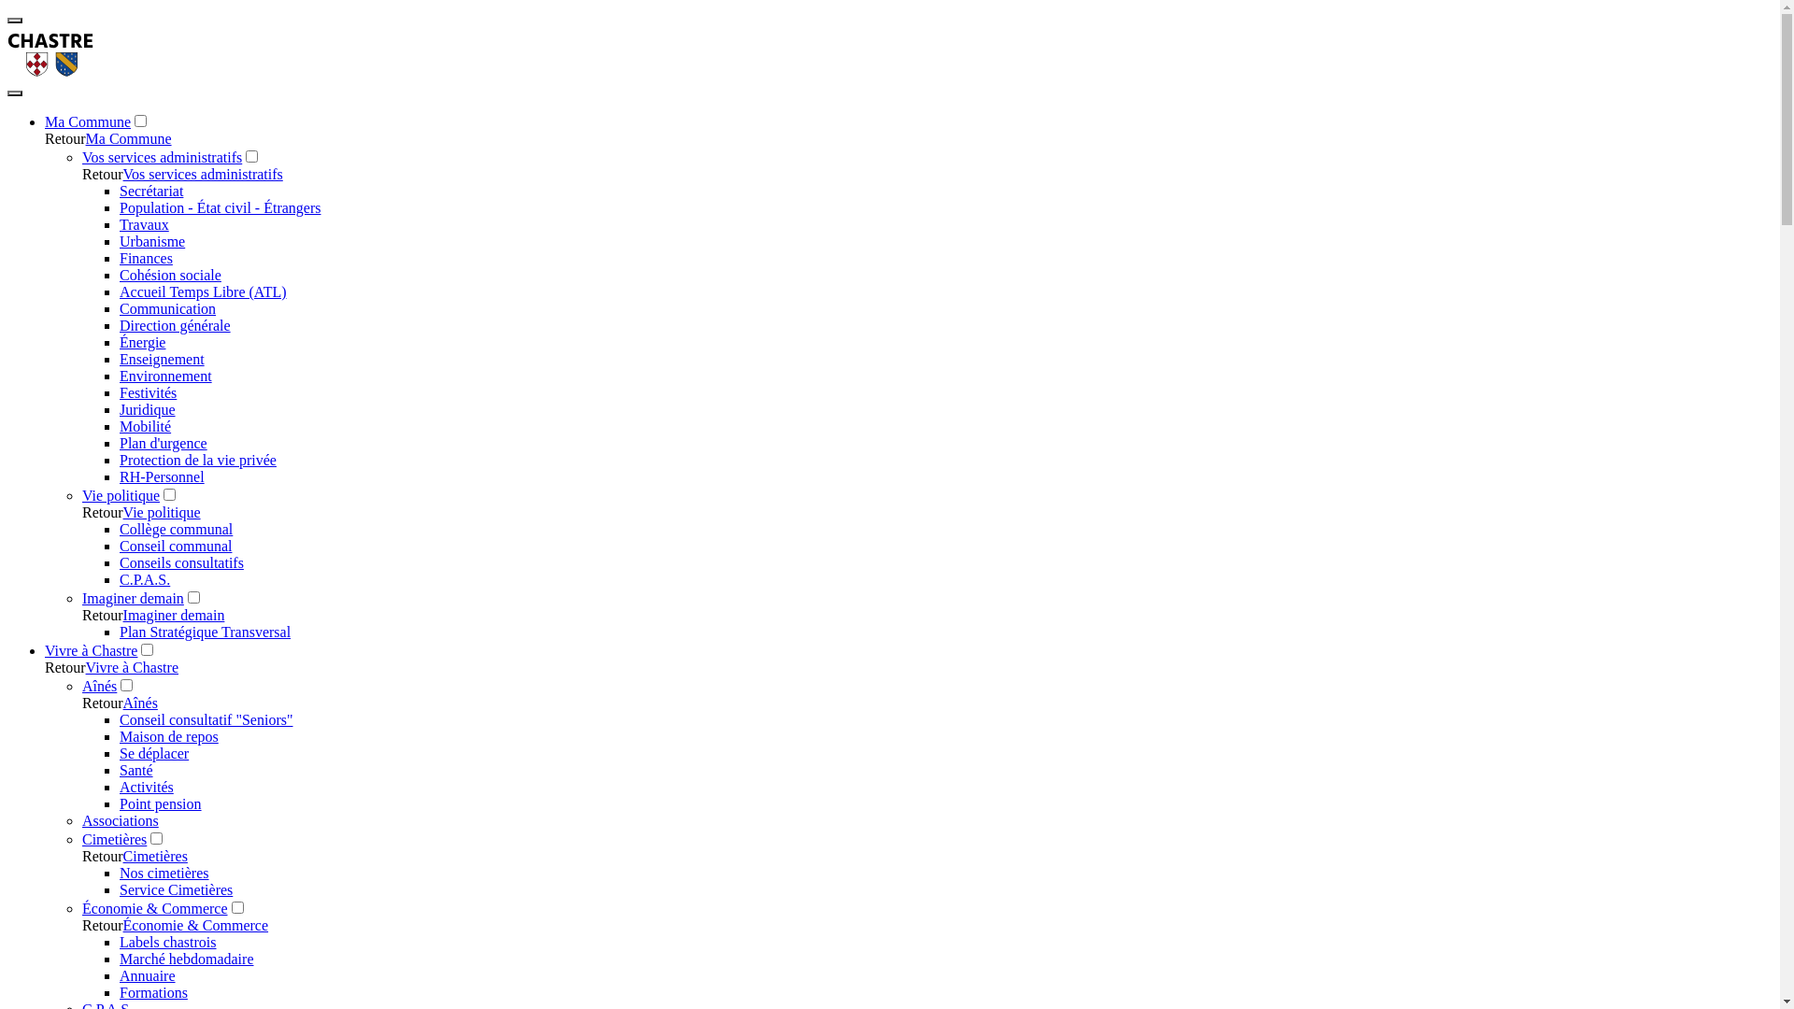 This screenshot has width=1794, height=1009. What do you see at coordinates (147, 974) in the screenshot?
I see `'Annuaire'` at bounding box center [147, 974].